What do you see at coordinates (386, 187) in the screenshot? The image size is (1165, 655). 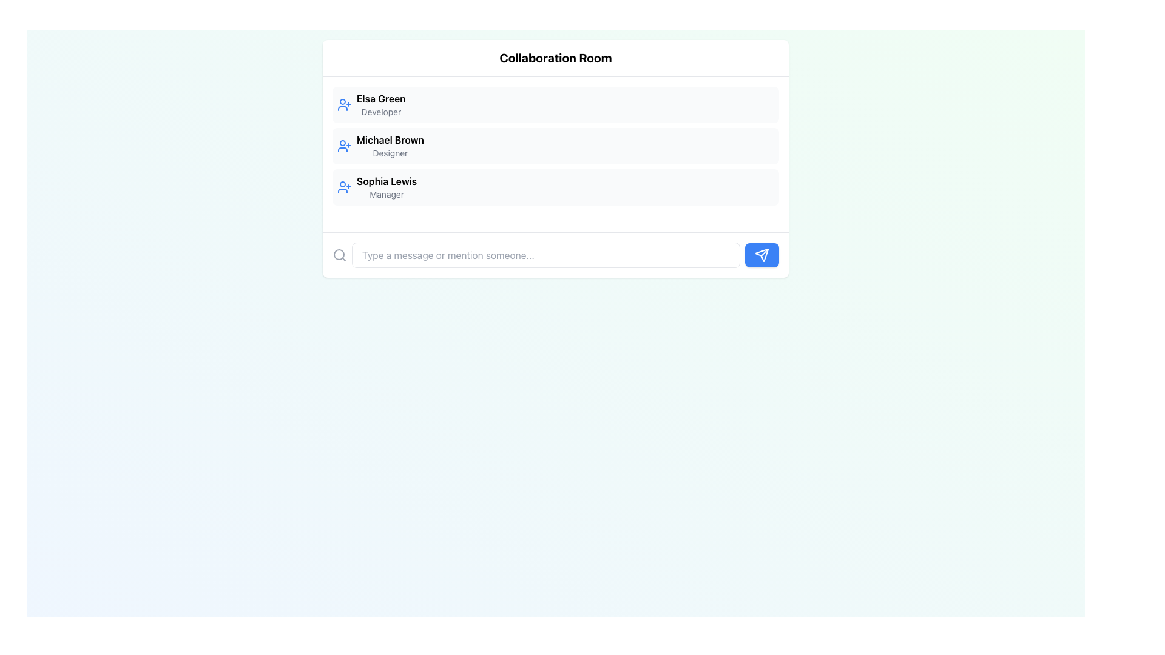 I see `the text block displaying the name 'Sophia Lewis' and the subtitle 'Manager', which is the third item in the vertically arranged list within the 'Collaboration Room' panel` at bounding box center [386, 187].